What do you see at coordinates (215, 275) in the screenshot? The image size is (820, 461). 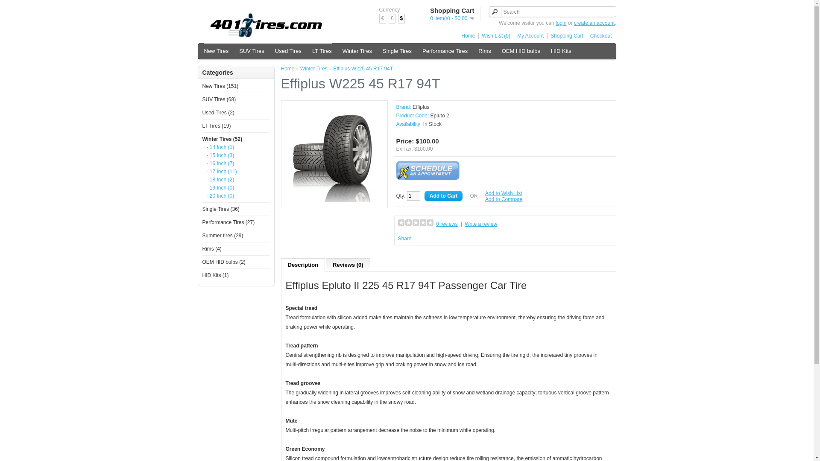 I see `'HID Kits (1)'` at bounding box center [215, 275].